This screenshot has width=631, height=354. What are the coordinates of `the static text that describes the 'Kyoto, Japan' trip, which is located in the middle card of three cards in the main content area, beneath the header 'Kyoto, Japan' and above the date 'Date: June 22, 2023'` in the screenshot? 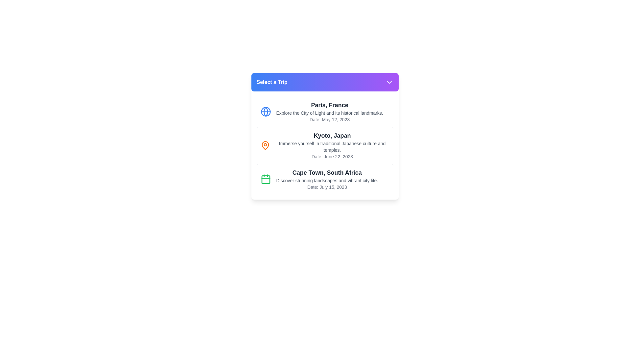 It's located at (332, 146).